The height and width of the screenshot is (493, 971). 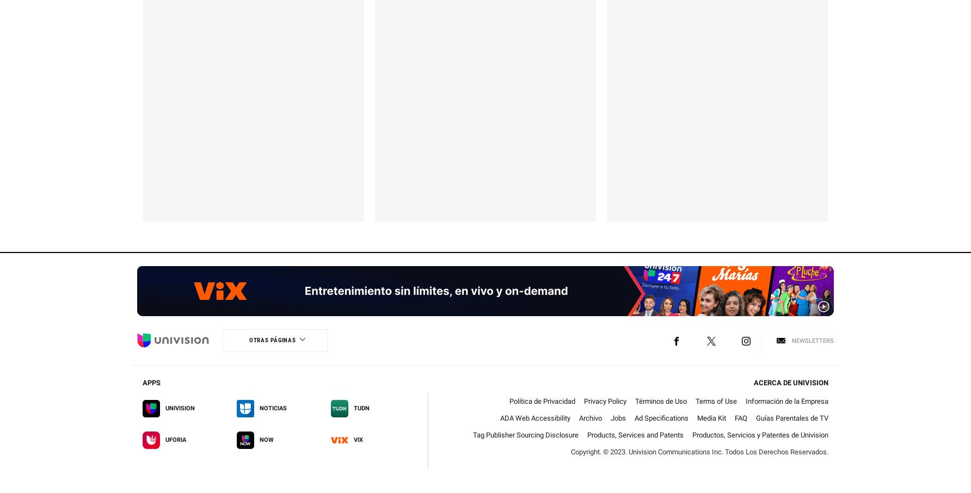 What do you see at coordinates (694, 400) in the screenshot?
I see `'Terms of Use'` at bounding box center [694, 400].